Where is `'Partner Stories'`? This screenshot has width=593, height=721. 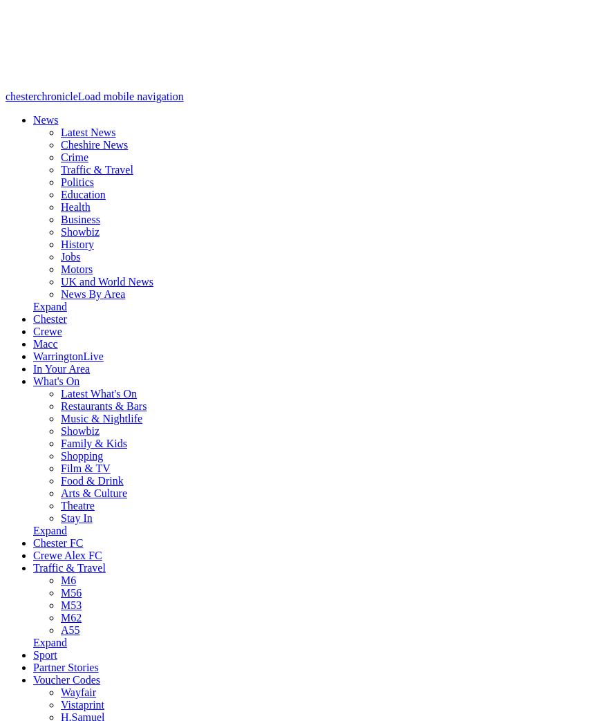
'Partner Stories' is located at coordinates (65, 666).